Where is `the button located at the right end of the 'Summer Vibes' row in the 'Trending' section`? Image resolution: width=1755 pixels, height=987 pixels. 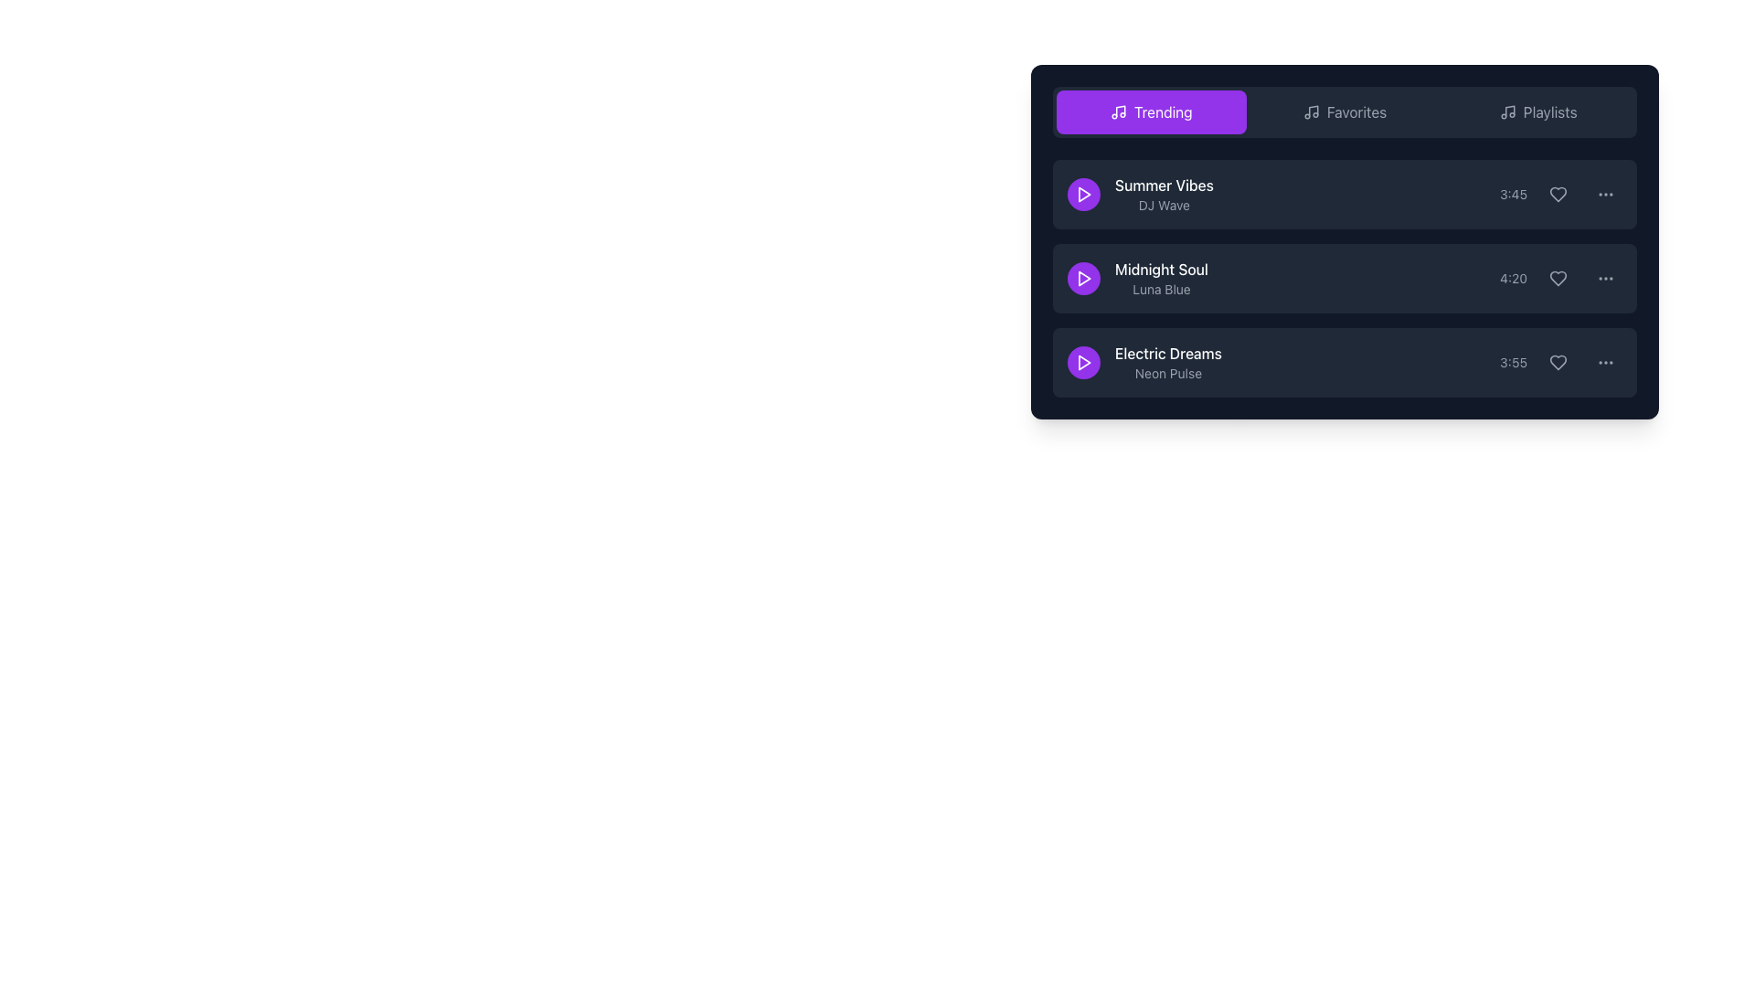 the button located at the right end of the 'Summer Vibes' row in the 'Trending' section is located at coordinates (1557, 194).